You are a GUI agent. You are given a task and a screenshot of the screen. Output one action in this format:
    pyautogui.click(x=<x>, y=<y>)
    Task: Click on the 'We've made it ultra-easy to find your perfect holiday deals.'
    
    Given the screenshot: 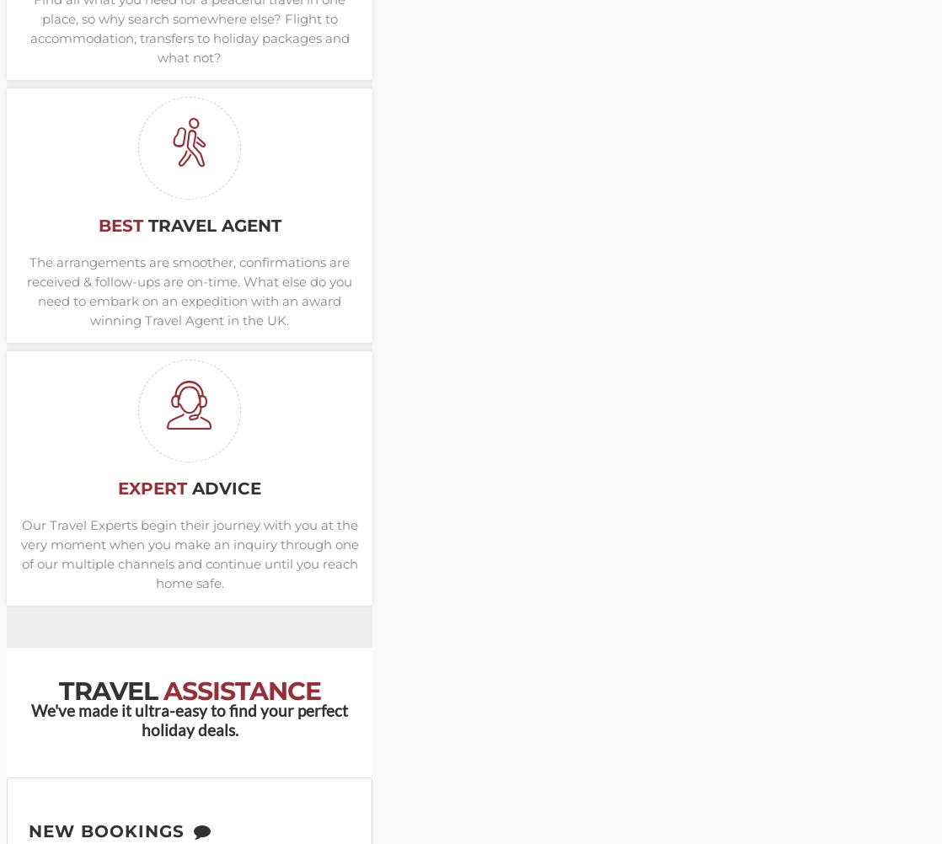 What is the action you would take?
    pyautogui.click(x=190, y=720)
    